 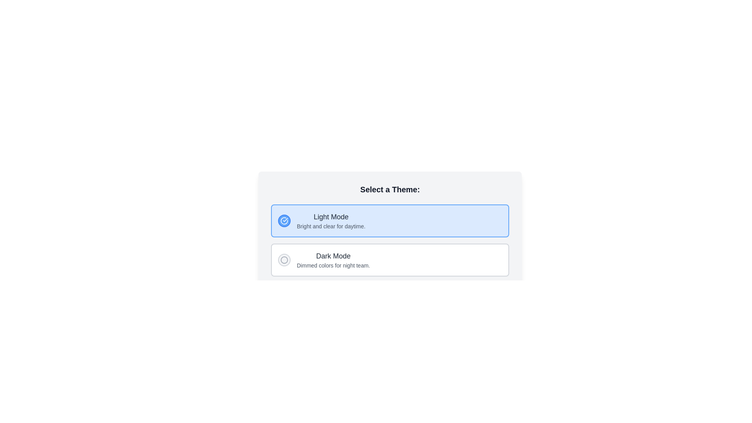 I want to click on the 'Light Mode' selectable option with descriptive text and icon, so click(x=322, y=221).